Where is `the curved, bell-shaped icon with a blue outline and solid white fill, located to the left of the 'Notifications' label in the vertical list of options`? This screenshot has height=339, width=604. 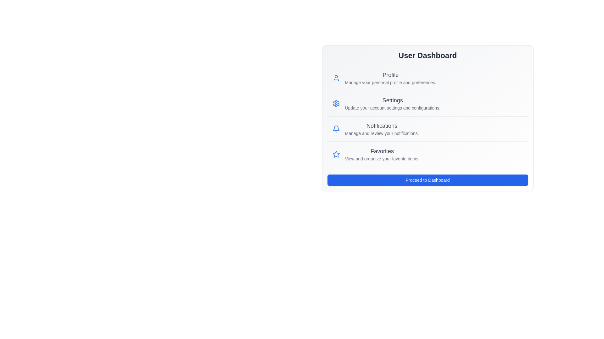 the curved, bell-shaped icon with a blue outline and solid white fill, located to the left of the 'Notifications' label in the vertical list of options is located at coordinates (336, 128).